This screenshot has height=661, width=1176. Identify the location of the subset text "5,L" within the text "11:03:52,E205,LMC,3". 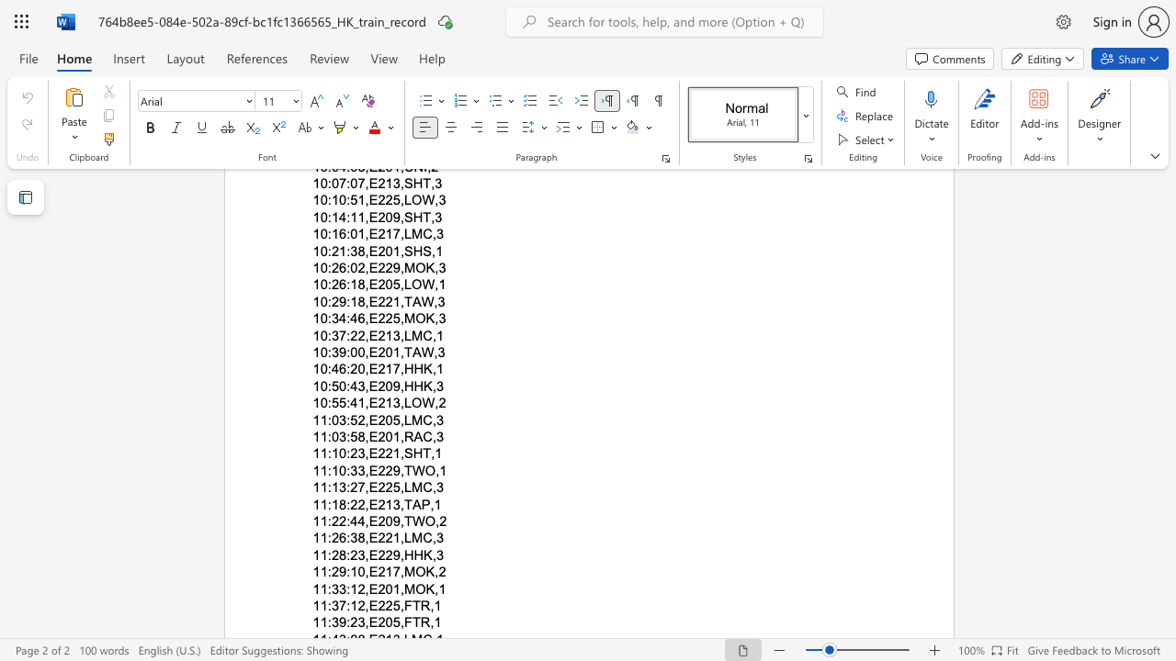
(391, 420).